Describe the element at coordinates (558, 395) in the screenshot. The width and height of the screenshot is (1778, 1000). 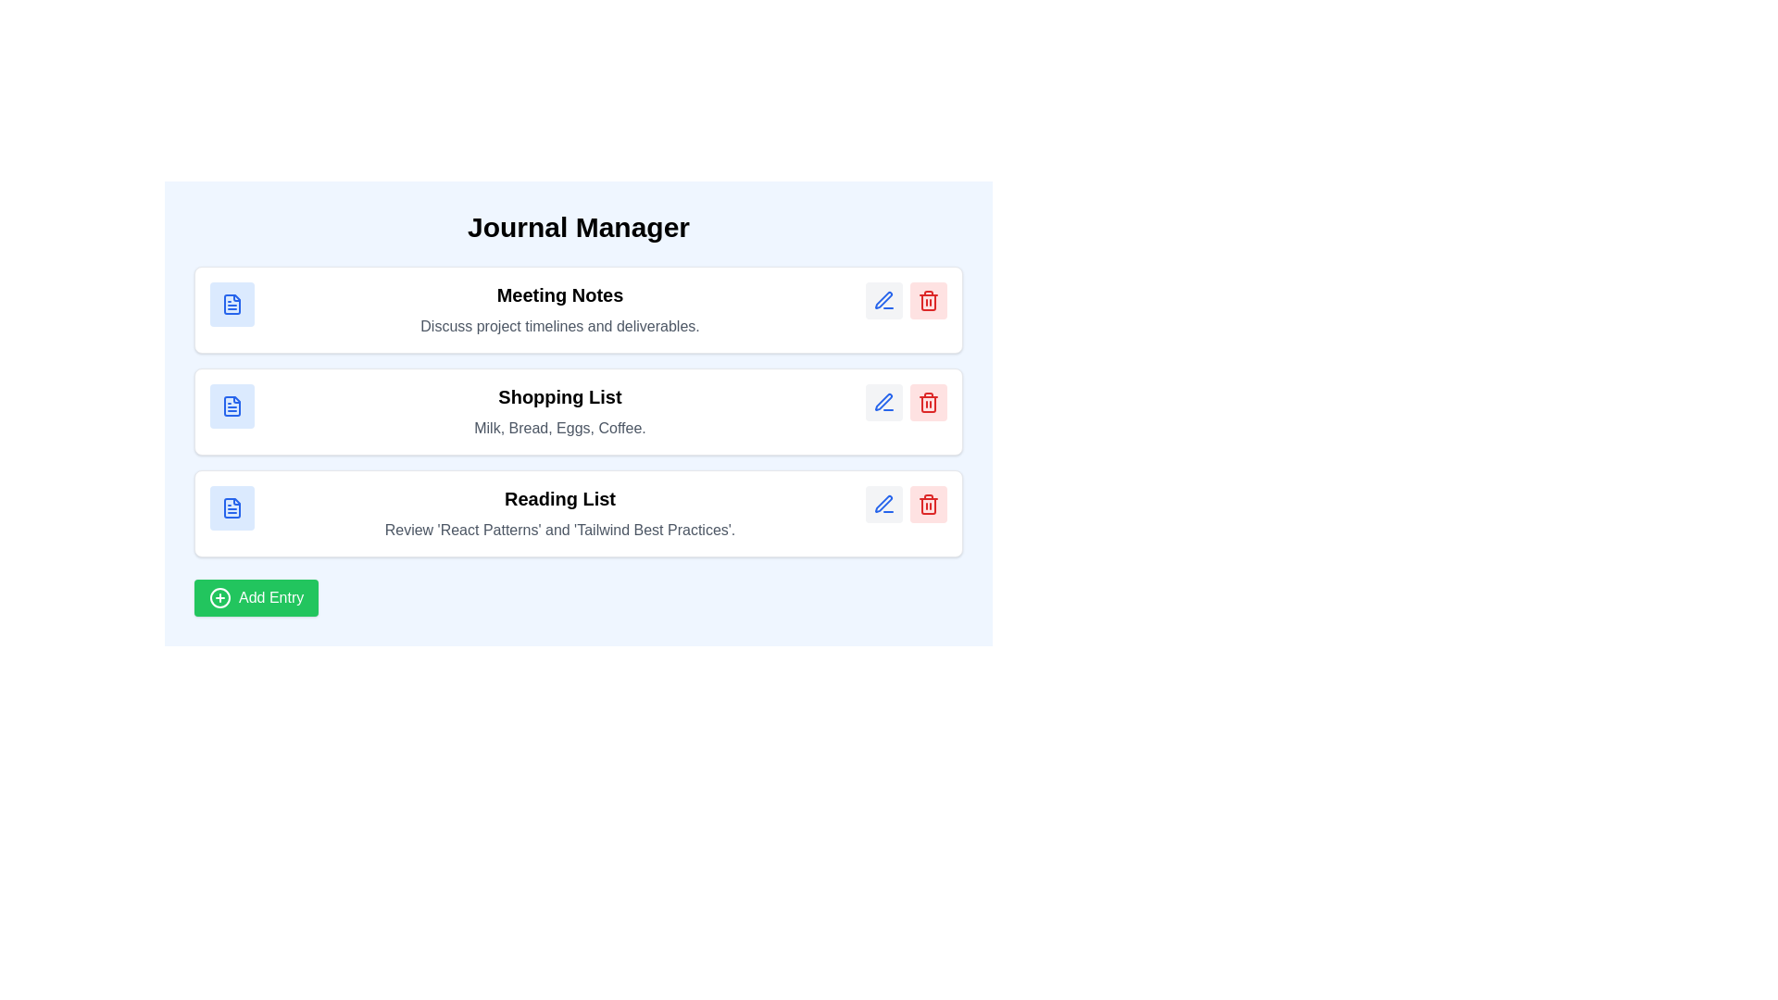
I see `'Shopping List' header text, which is prominently displayed in a large, bold font above the list of items in a structured layout` at that location.